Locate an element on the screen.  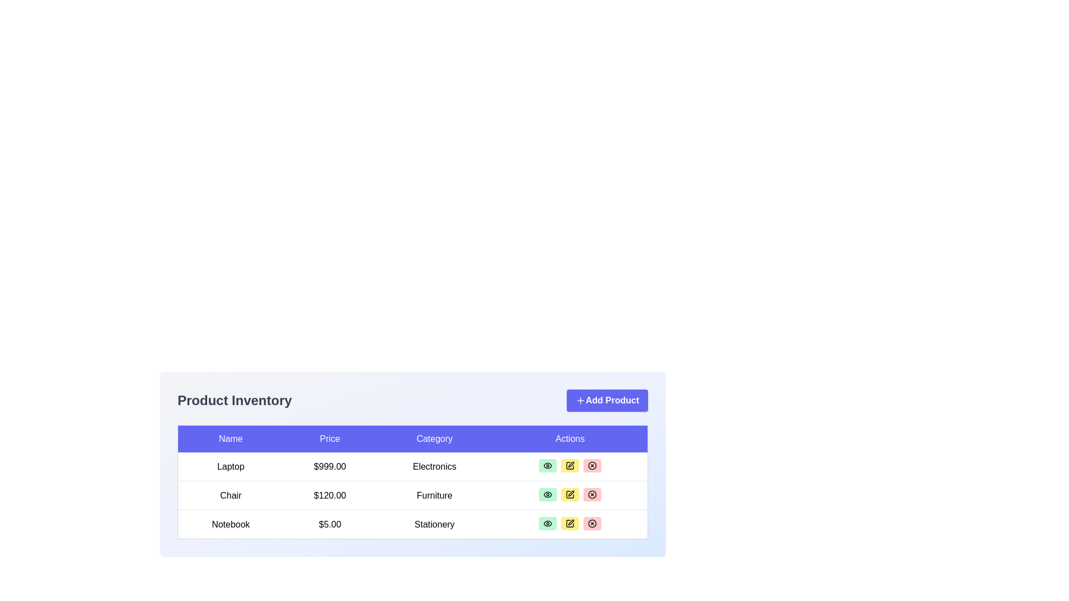
the edit button in the 'Actions' column of the first row to modify details associated with the 'Laptop' product is located at coordinates (570, 466).